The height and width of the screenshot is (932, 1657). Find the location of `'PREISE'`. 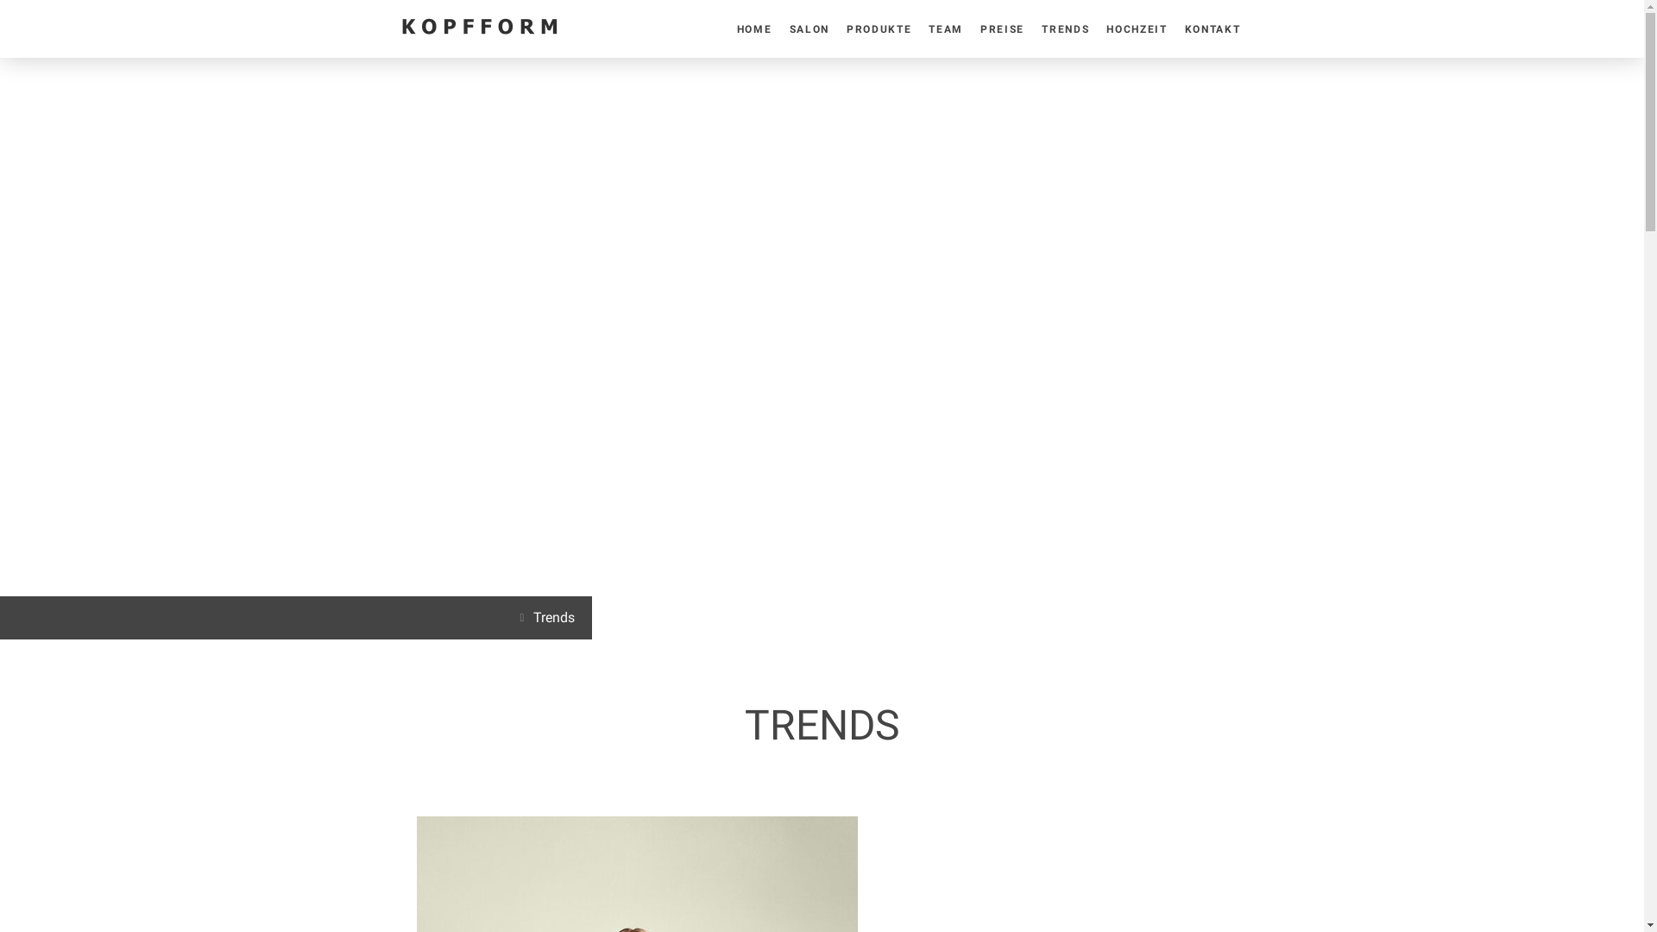

'PREISE' is located at coordinates (972, 28).